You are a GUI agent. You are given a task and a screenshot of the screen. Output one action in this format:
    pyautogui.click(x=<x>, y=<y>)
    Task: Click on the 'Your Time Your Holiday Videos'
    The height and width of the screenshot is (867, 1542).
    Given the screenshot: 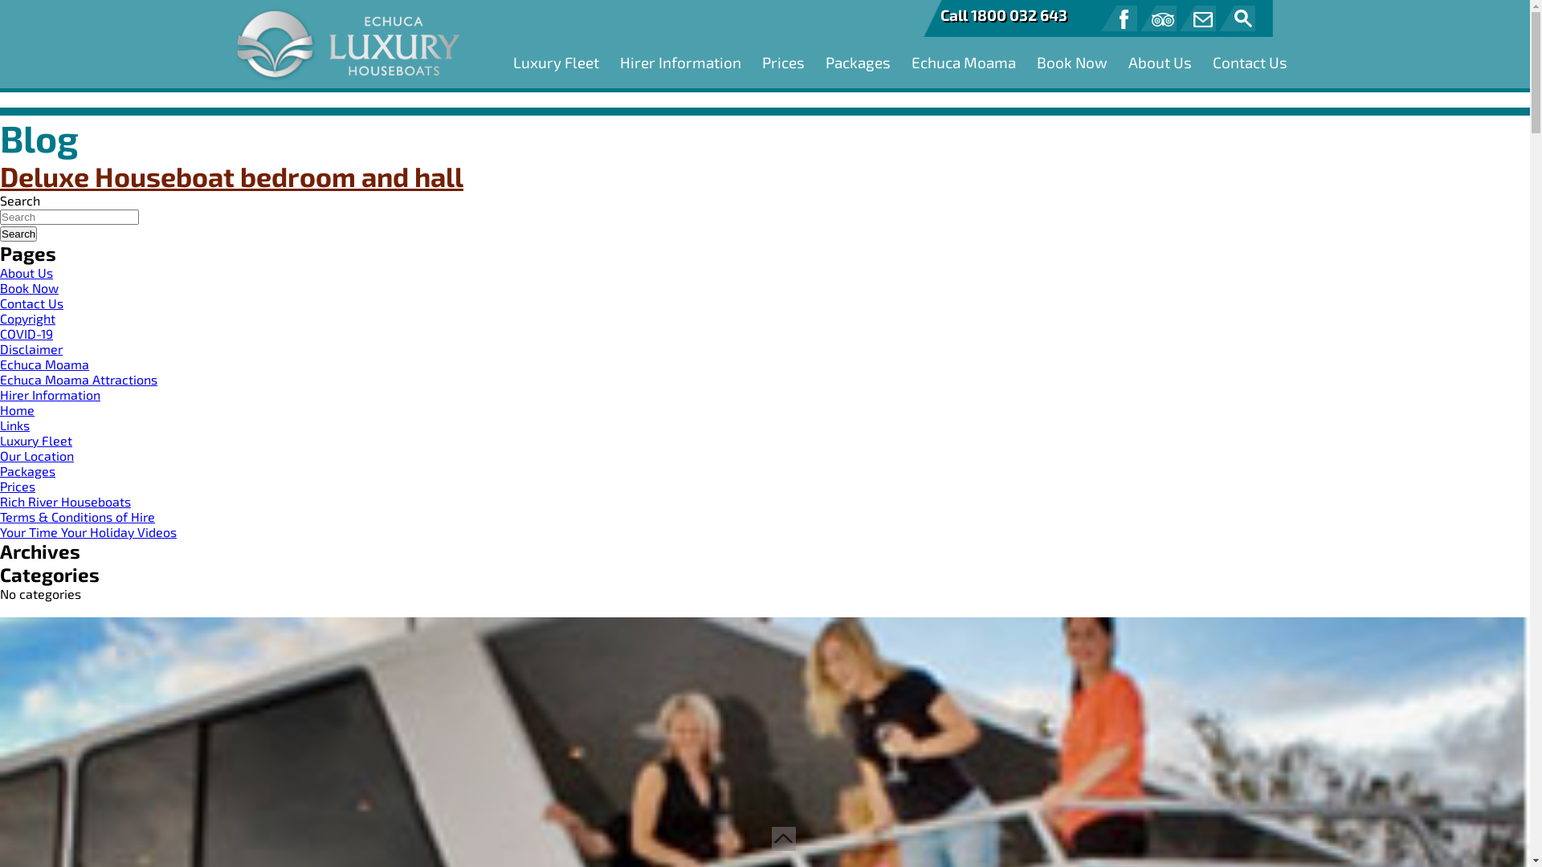 What is the action you would take?
    pyautogui.click(x=88, y=531)
    